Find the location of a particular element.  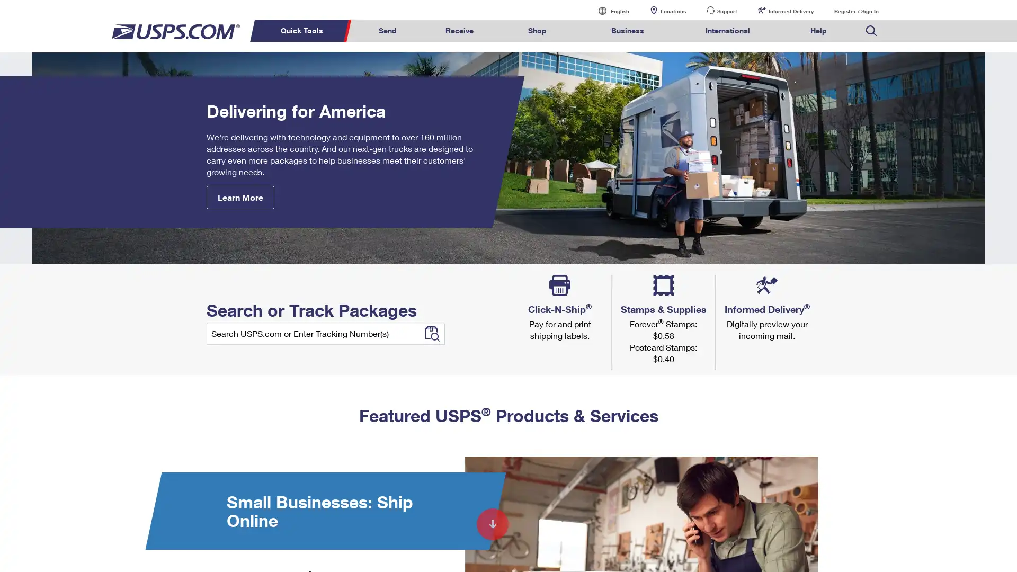

Search is located at coordinates (667, 286).